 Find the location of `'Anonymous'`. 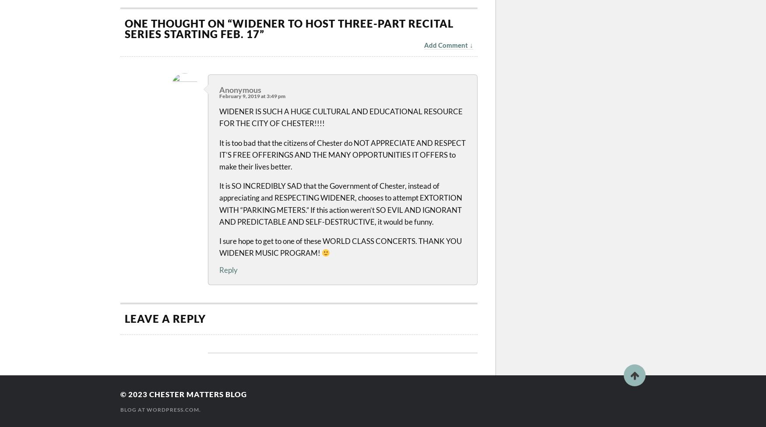

'Anonymous' is located at coordinates (239, 89).